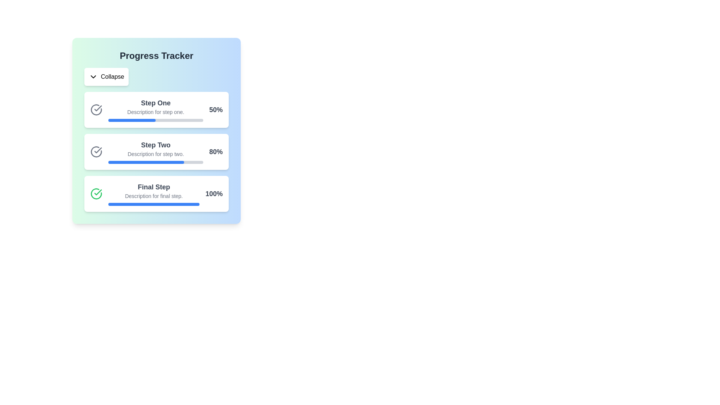 This screenshot has height=405, width=720. Describe the element at coordinates (155, 103) in the screenshot. I see `the text label that serves as the title for the first step in the progress tracker, positioned above the description text 'Description for step one.'` at that location.